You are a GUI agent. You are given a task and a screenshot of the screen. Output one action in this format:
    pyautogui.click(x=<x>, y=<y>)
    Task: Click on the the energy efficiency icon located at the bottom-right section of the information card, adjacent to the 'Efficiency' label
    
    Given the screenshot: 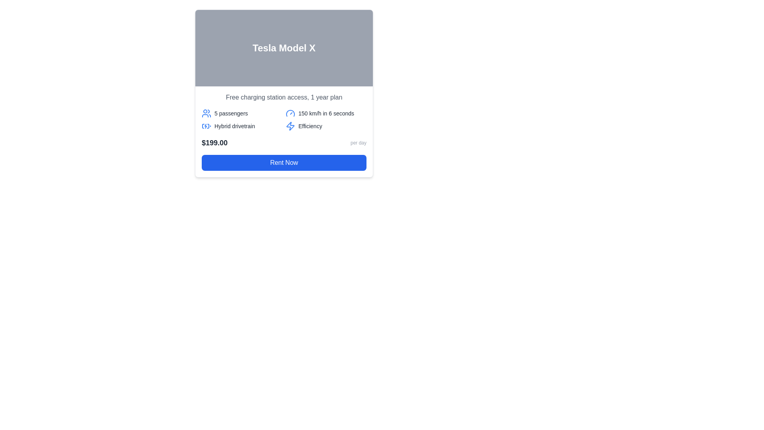 What is the action you would take?
    pyautogui.click(x=290, y=125)
    